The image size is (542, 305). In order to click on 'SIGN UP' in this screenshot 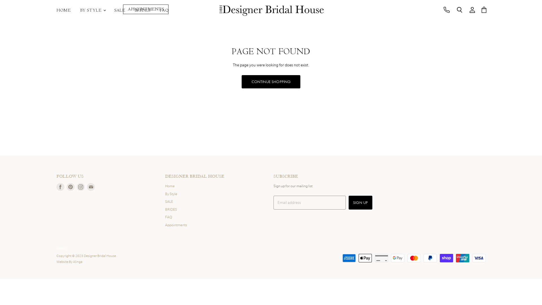, I will do `click(348, 202)`.